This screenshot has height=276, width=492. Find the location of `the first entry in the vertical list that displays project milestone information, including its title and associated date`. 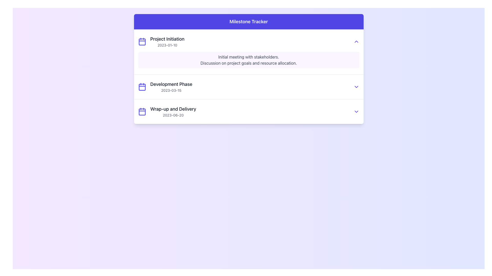

the first entry in the vertical list that displays project milestone information, including its title and associated date is located at coordinates (167, 41).